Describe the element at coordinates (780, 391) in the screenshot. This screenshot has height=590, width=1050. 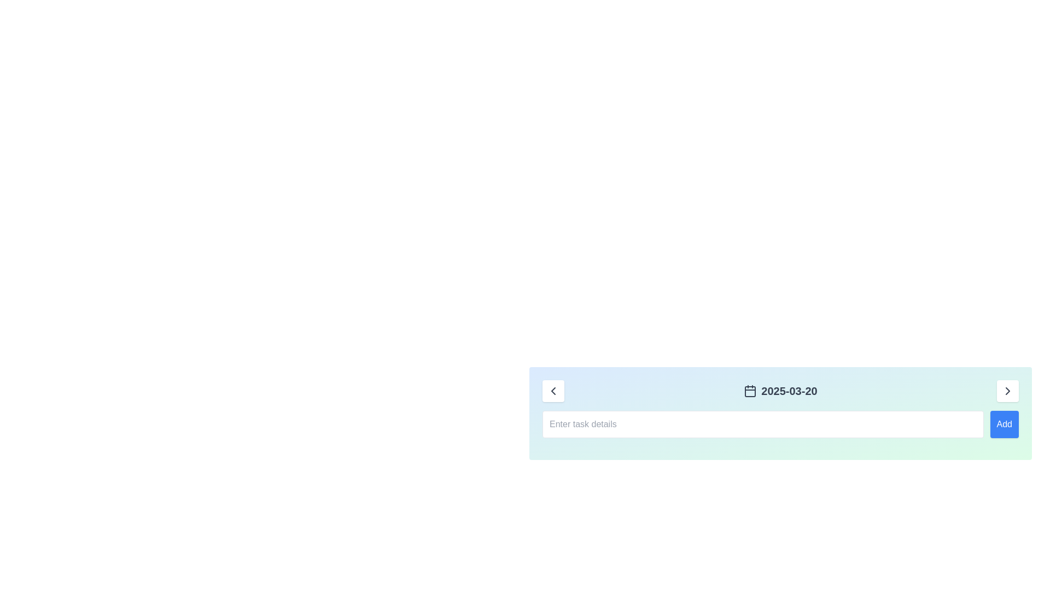
I see `the date text element, which is a combination of text and an icon indicating a date display and selector` at that location.